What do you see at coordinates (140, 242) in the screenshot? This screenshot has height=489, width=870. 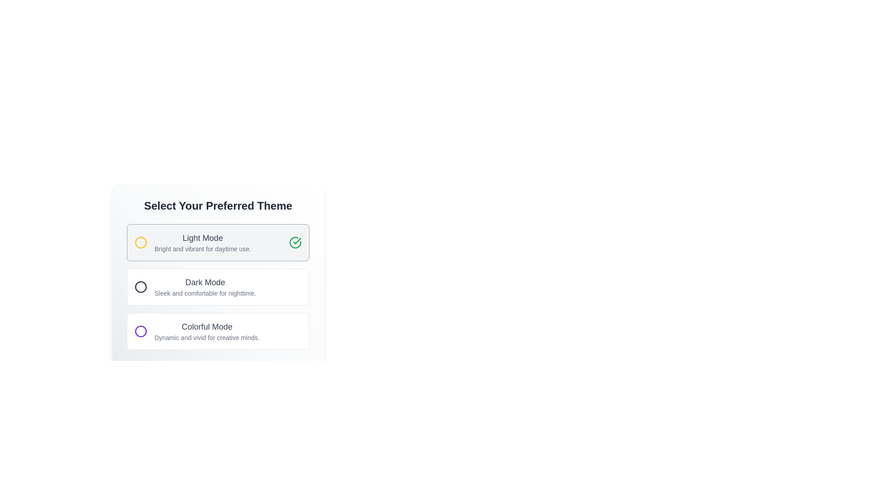 I see `the Circular icon that indicates the 'Light Mode' option, which is located to the left of the 'Light Mode' text and above the description 'Bright and vibrant for daytime use.'` at bounding box center [140, 242].